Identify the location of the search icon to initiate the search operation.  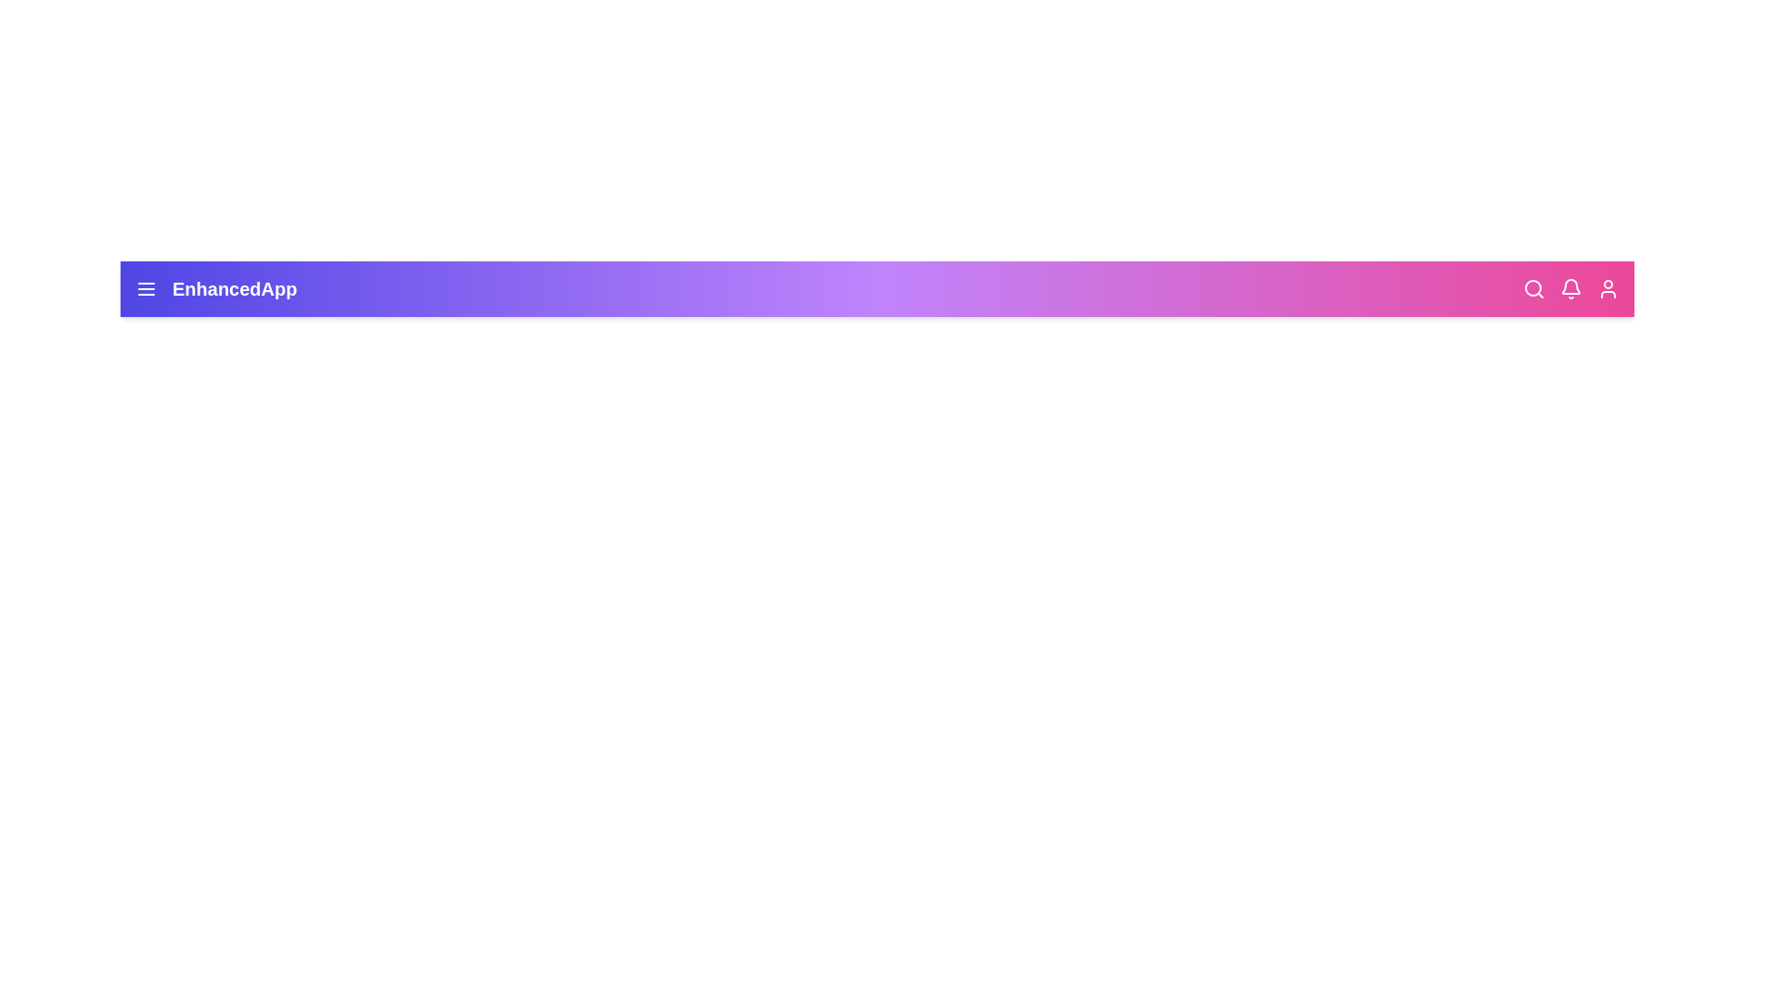
(1534, 289).